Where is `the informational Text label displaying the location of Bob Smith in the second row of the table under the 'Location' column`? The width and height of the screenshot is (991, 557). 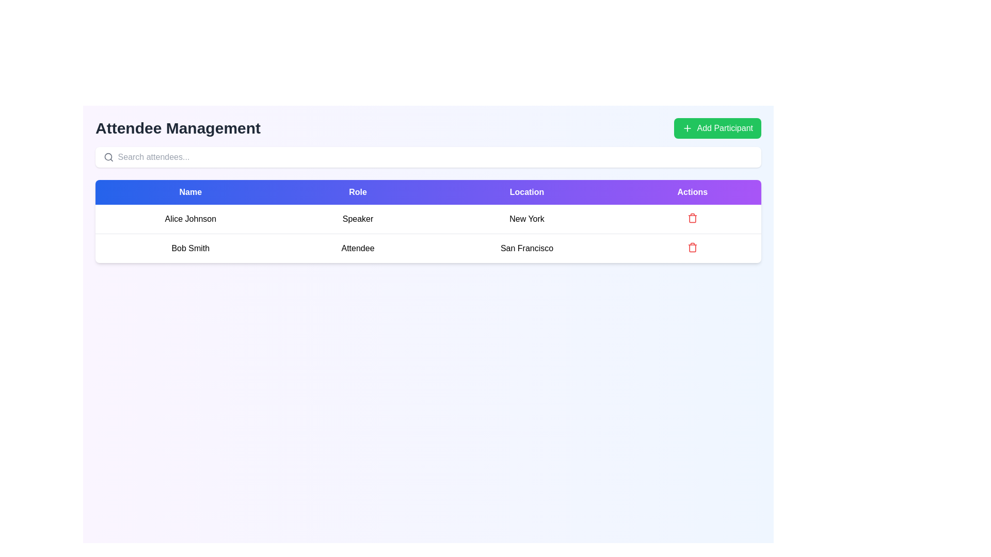 the informational Text label displaying the location of Bob Smith in the second row of the table under the 'Location' column is located at coordinates (527, 248).